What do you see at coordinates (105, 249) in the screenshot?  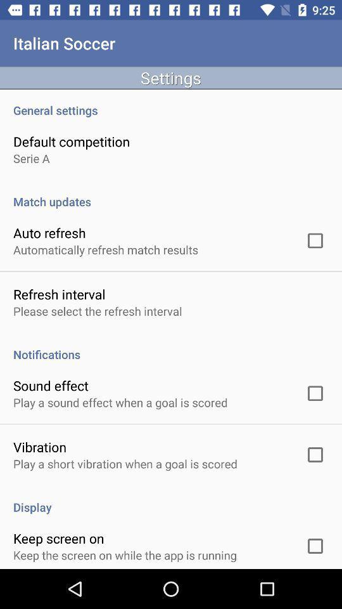 I see `automatically refresh match item` at bounding box center [105, 249].